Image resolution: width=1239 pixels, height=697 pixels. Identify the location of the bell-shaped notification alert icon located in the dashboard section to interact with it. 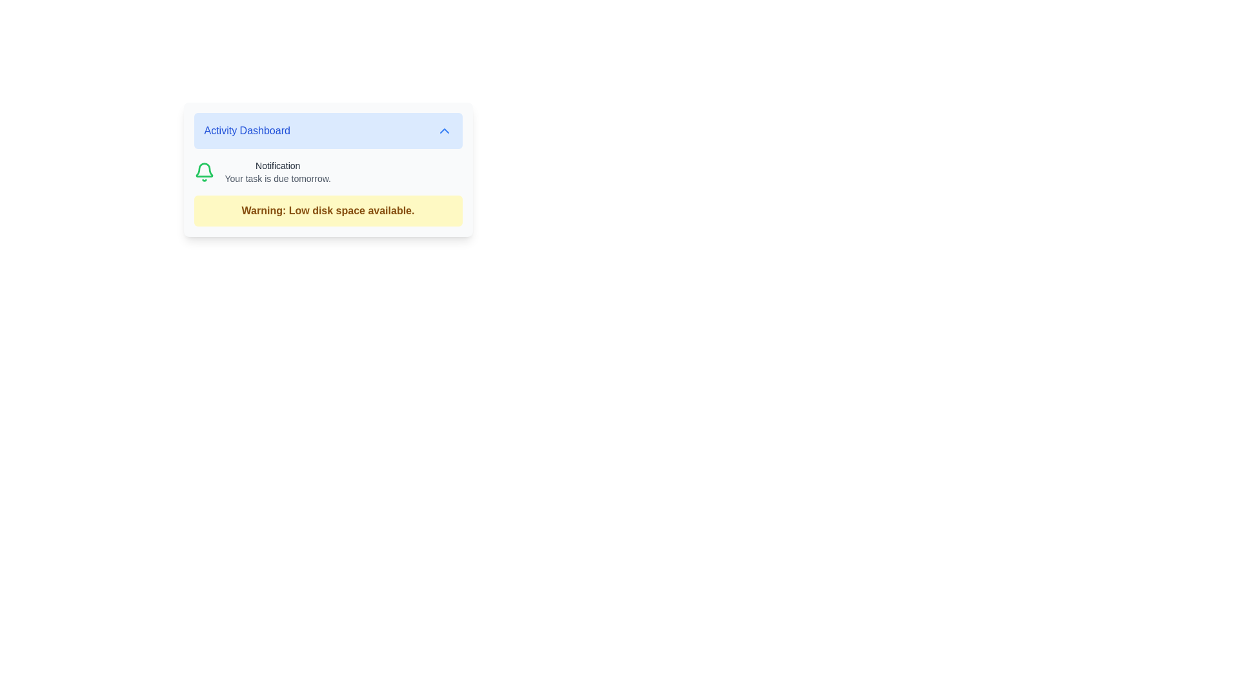
(203, 169).